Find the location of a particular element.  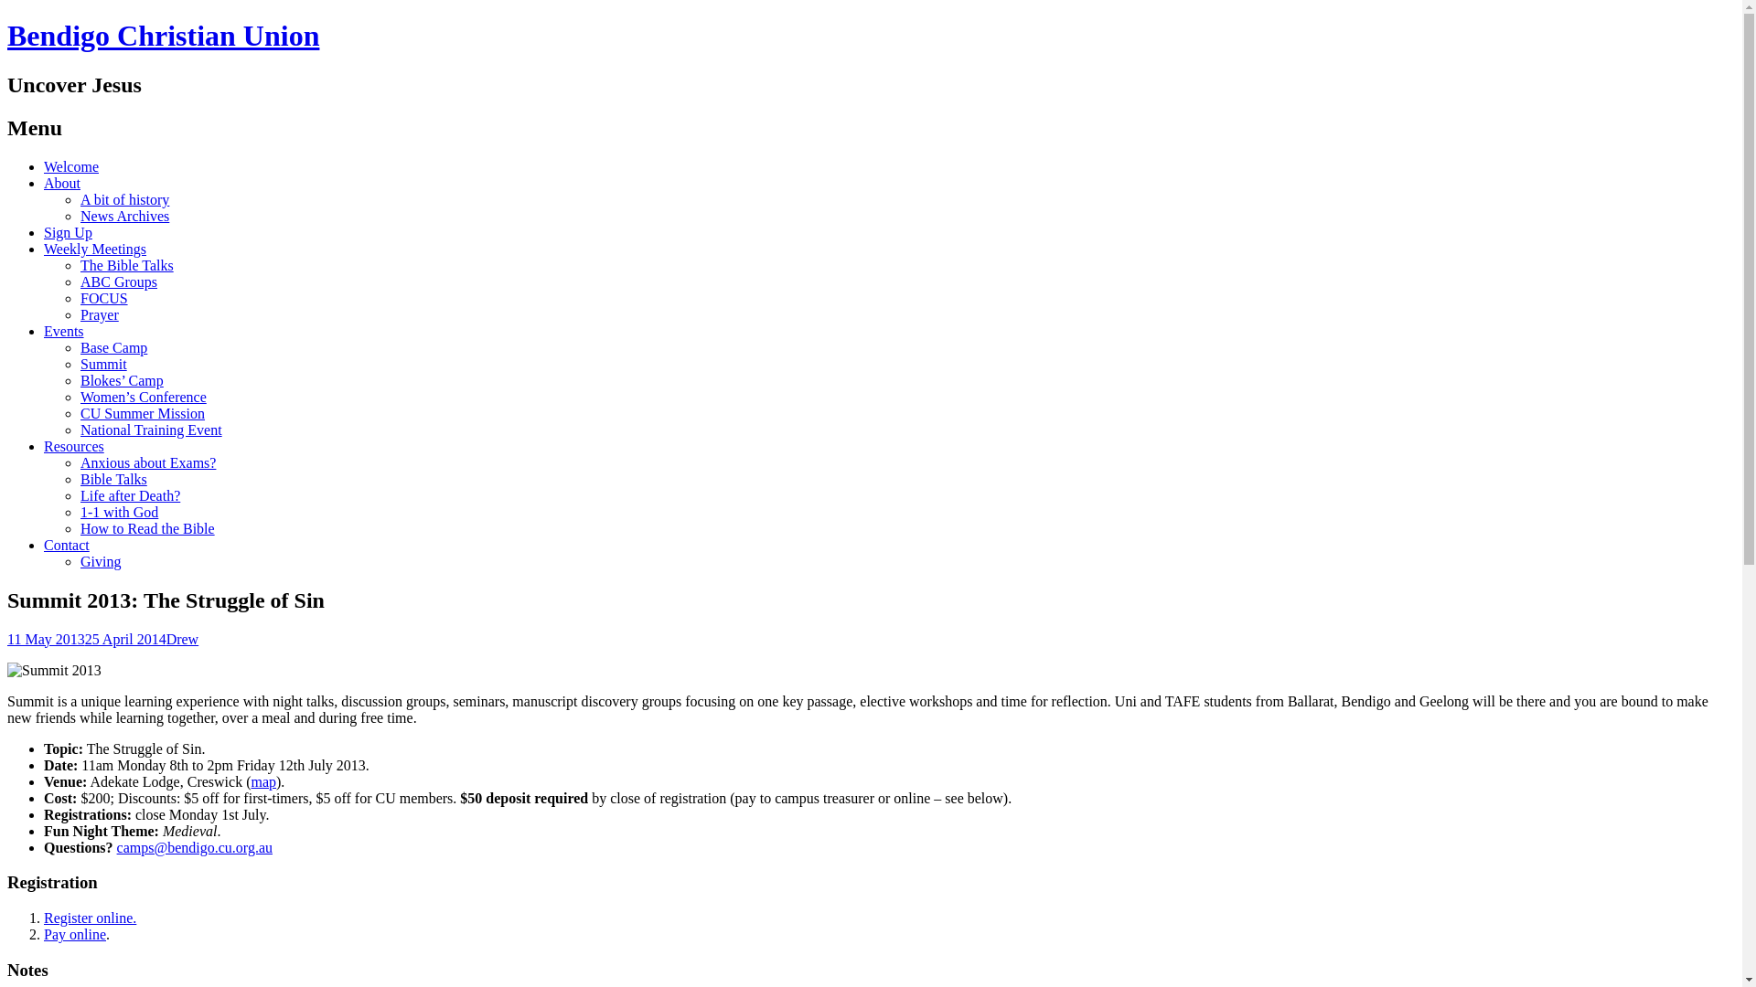

'Pay online' is located at coordinates (73, 934).